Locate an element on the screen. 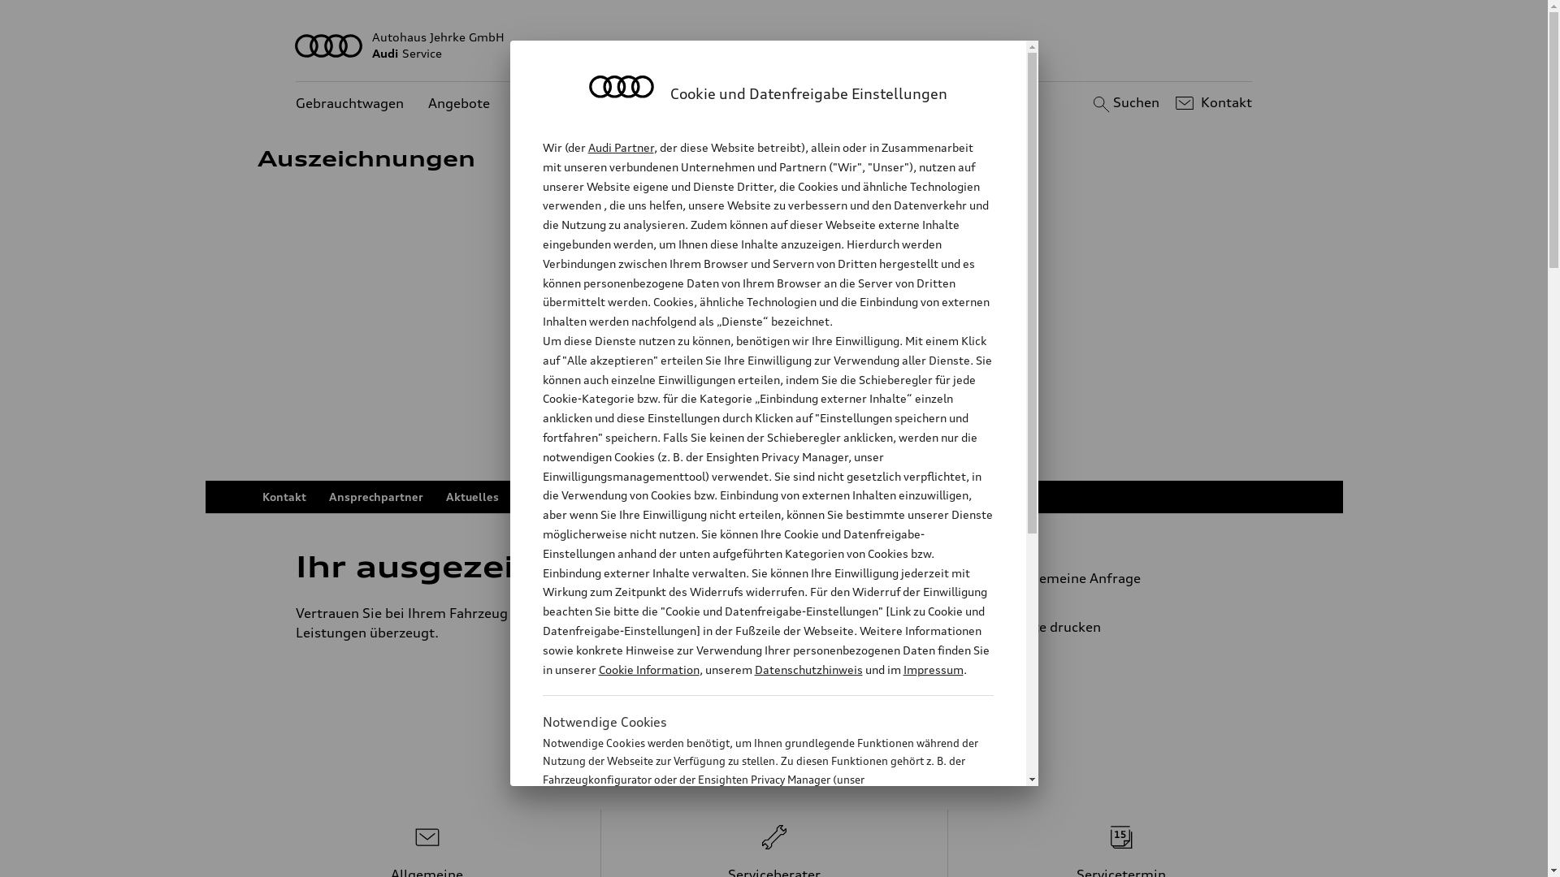 This screenshot has width=1560, height=877. 'Angebote' is located at coordinates (458, 103).